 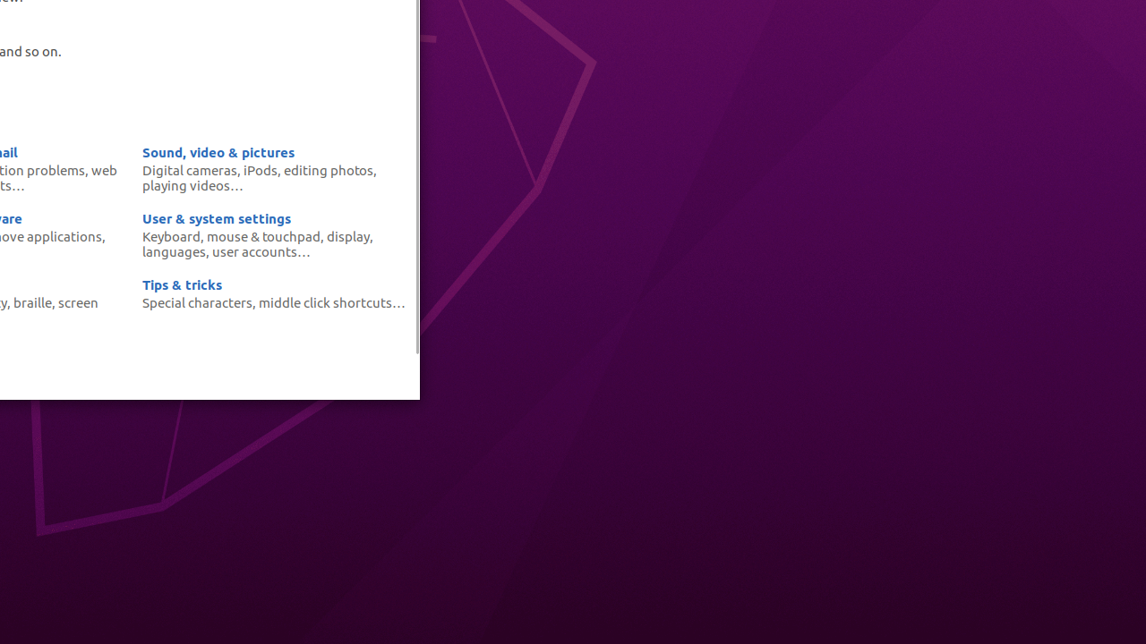 What do you see at coordinates (325, 301) in the screenshot?
I see `'middle click shortcuts'` at bounding box center [325, 301].